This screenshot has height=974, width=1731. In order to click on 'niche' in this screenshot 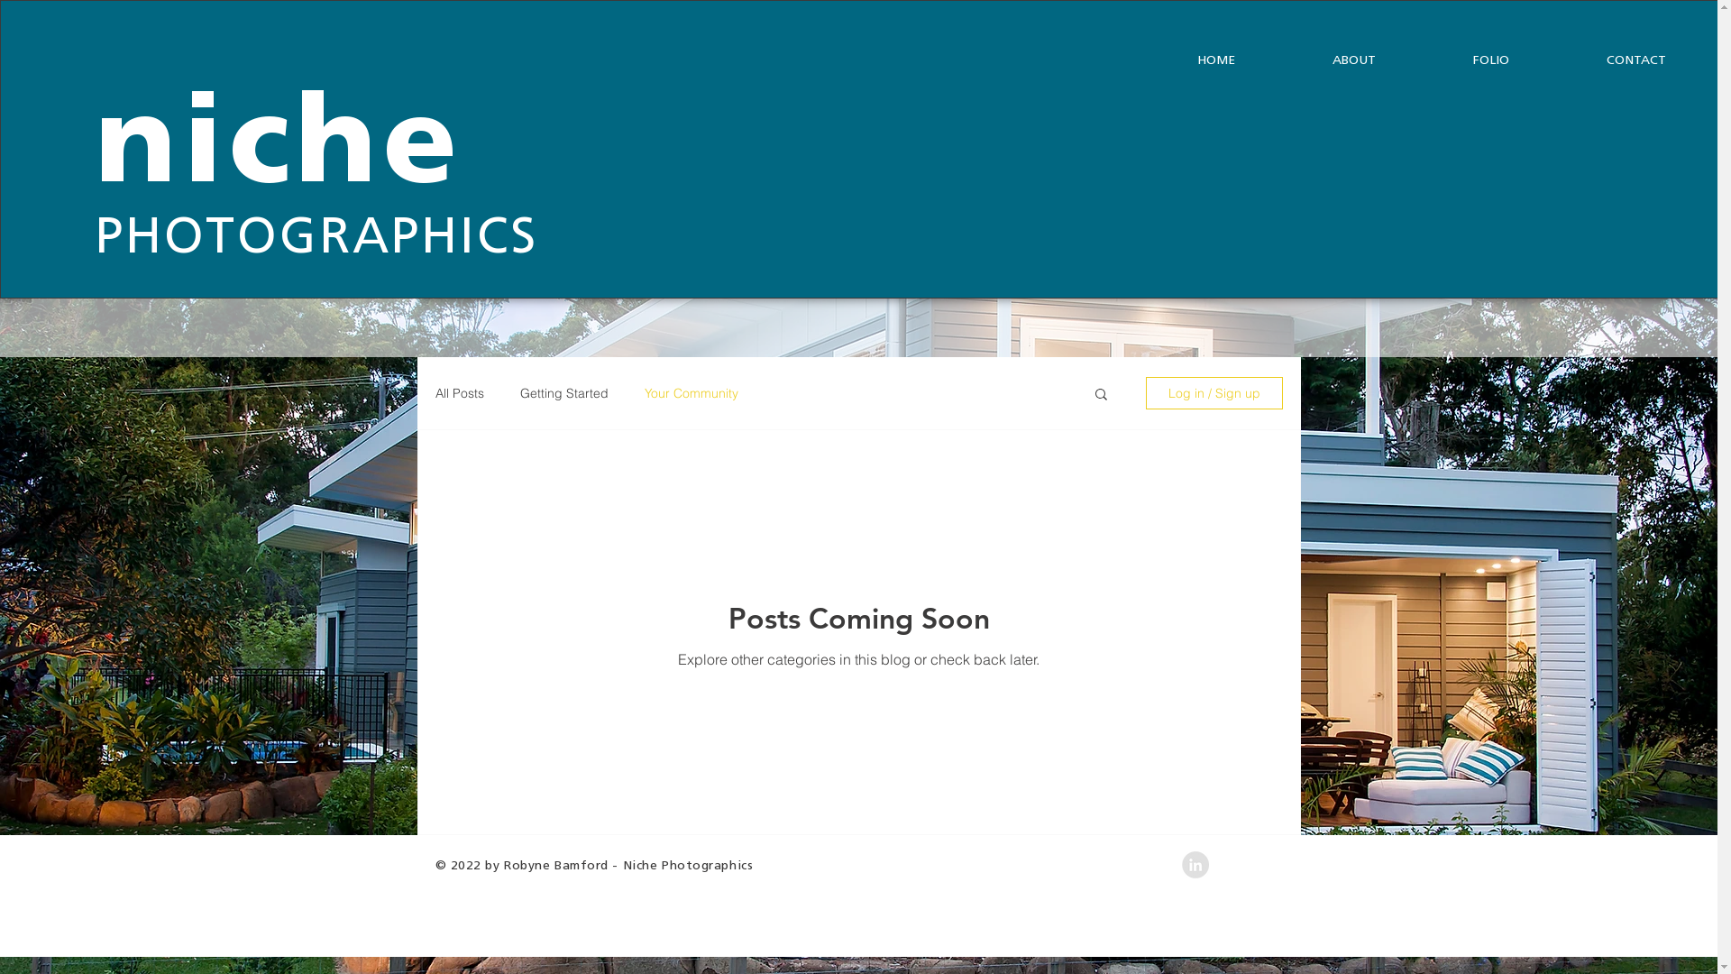, I will do `click(278, 147)`.